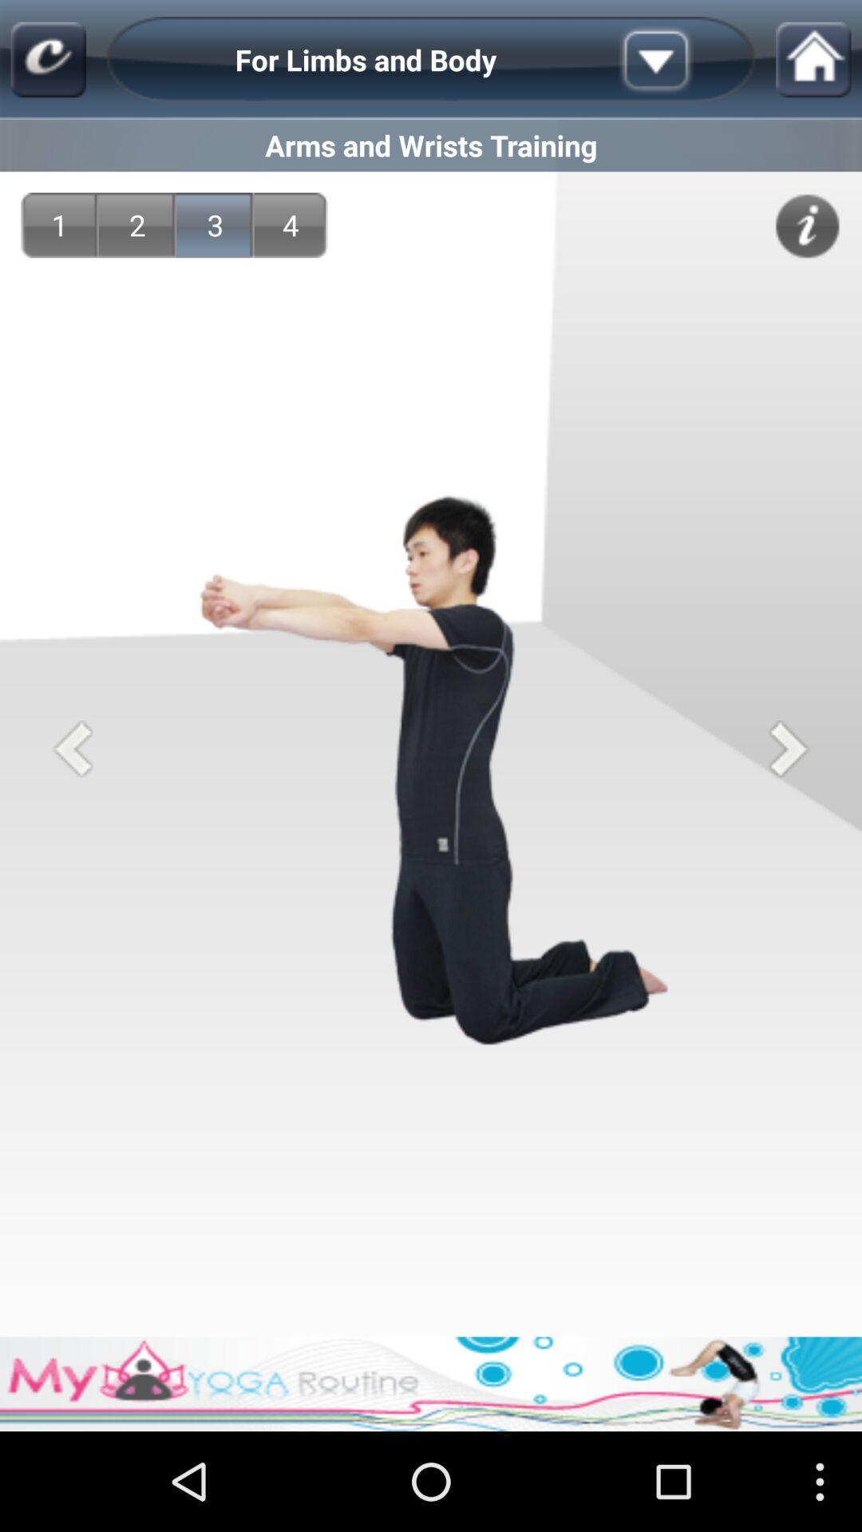  Describe the element at coordinates (136, 224) in the screenshot. I see `the 2 app` at that location.